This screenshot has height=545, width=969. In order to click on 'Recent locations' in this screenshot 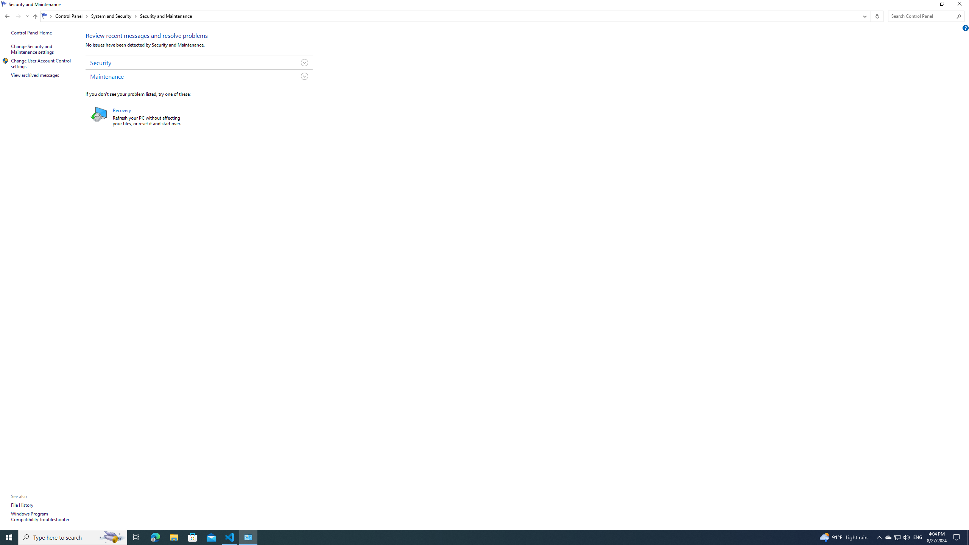, I will do `click(26, 16)`.